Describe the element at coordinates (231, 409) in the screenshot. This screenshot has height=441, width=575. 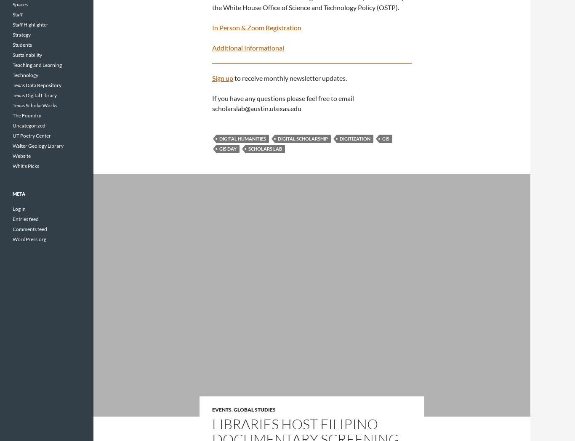
I see `','` at that location.